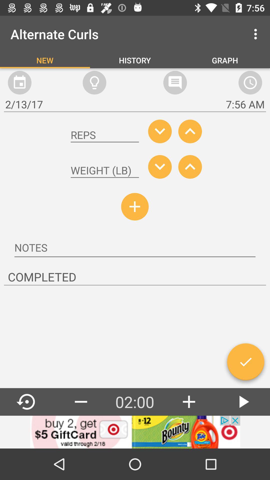 This screenshot has width=270, height=480. Describe the element at coordinates (104, 170) in the screenshot. I see `weight dialog box` at that location.